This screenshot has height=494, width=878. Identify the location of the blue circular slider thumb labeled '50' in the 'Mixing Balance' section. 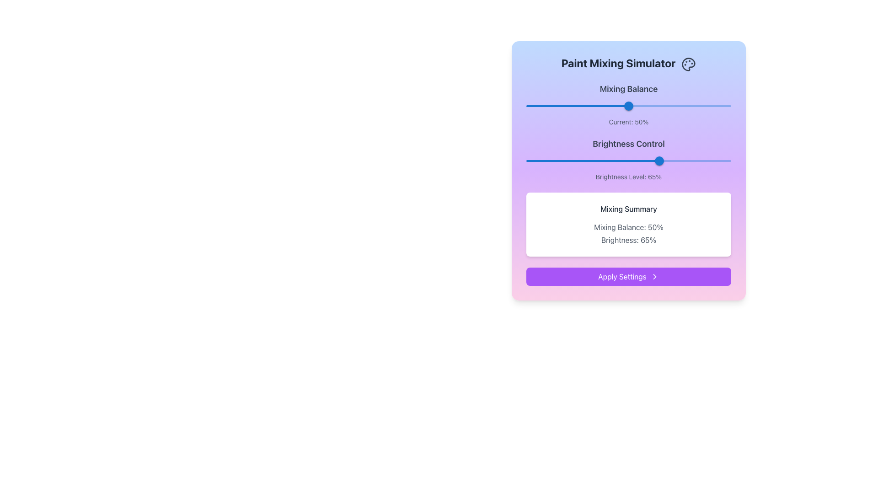
(628, 105).